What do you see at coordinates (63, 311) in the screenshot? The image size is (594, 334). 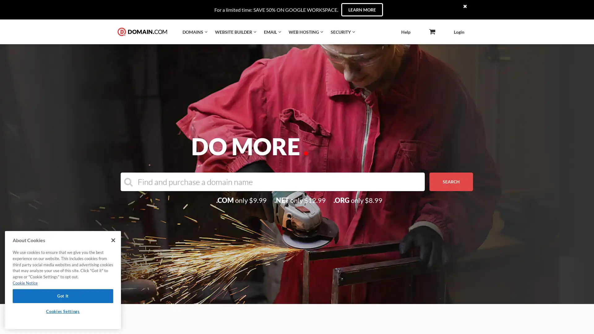 I see `Cookies Settings` at bounding box center [63, 311].